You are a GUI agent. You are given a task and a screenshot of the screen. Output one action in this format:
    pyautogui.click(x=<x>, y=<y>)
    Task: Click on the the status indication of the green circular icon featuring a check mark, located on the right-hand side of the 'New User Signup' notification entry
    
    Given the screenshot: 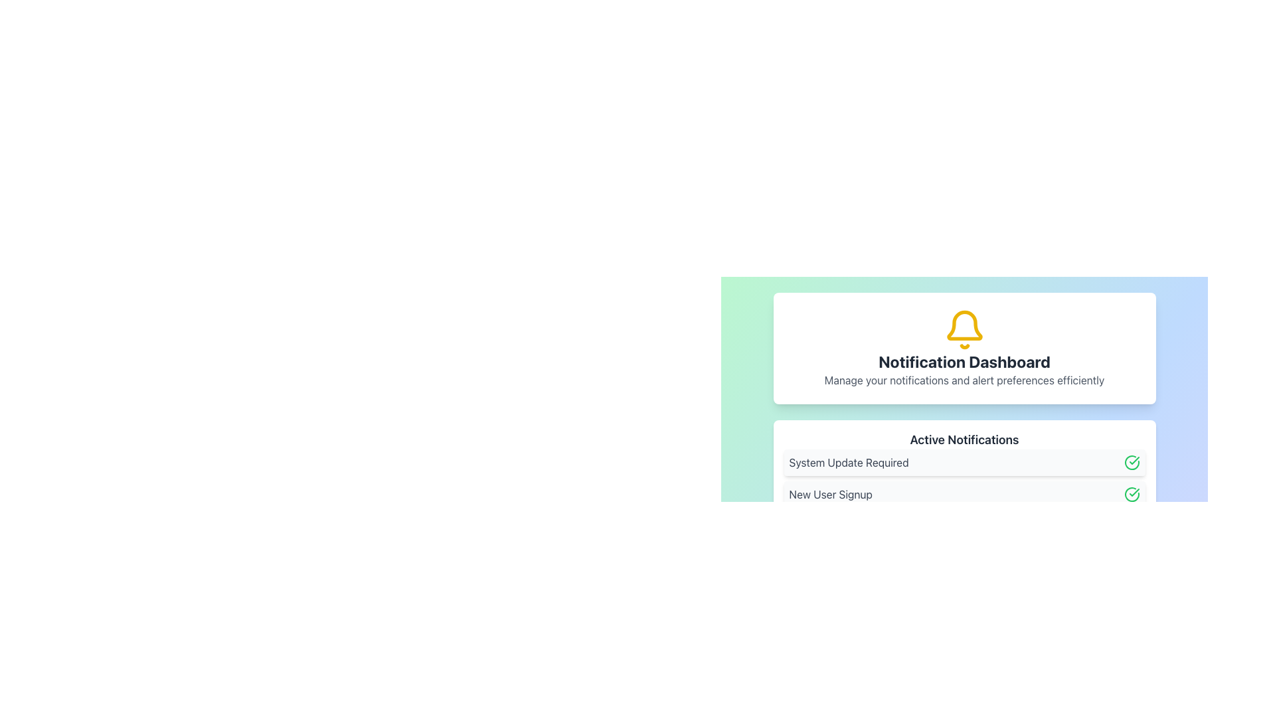 What is the action you would take?
    pyautogui.click(x=1131, y=494)
    